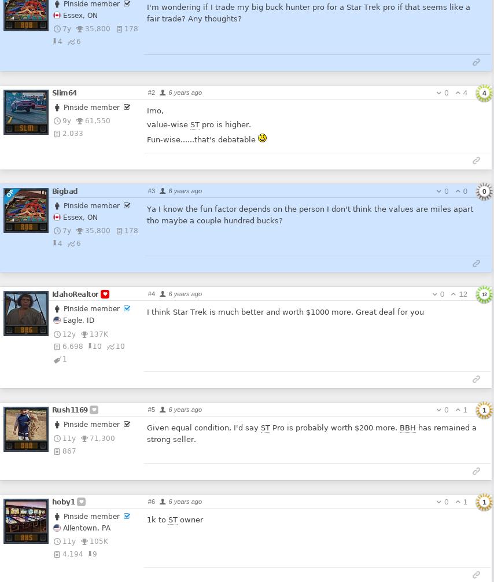 This screenshot has width=494, height=582. Describe the element at coordinates (4, 192) in the screenshot. I see `'OP'` at that location.